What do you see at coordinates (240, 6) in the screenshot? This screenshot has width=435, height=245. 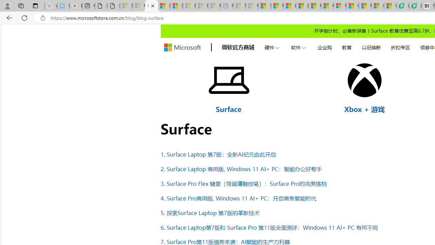 I see `'Top Stories - MSN - Sleeping'` at bounding box center [240, 6].